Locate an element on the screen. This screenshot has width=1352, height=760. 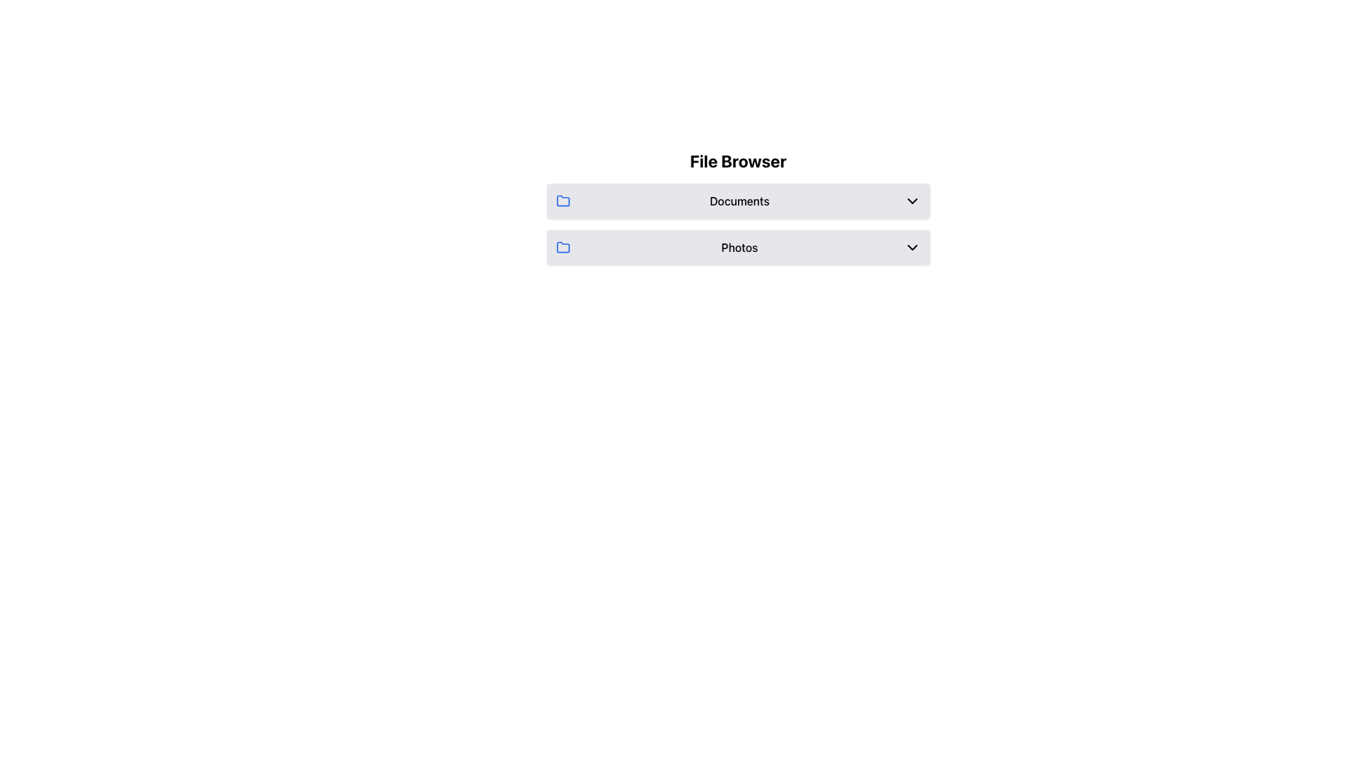
the downward-facing chevron icon located to the right of the 'Photos' section is located at coordinates (912, 246).